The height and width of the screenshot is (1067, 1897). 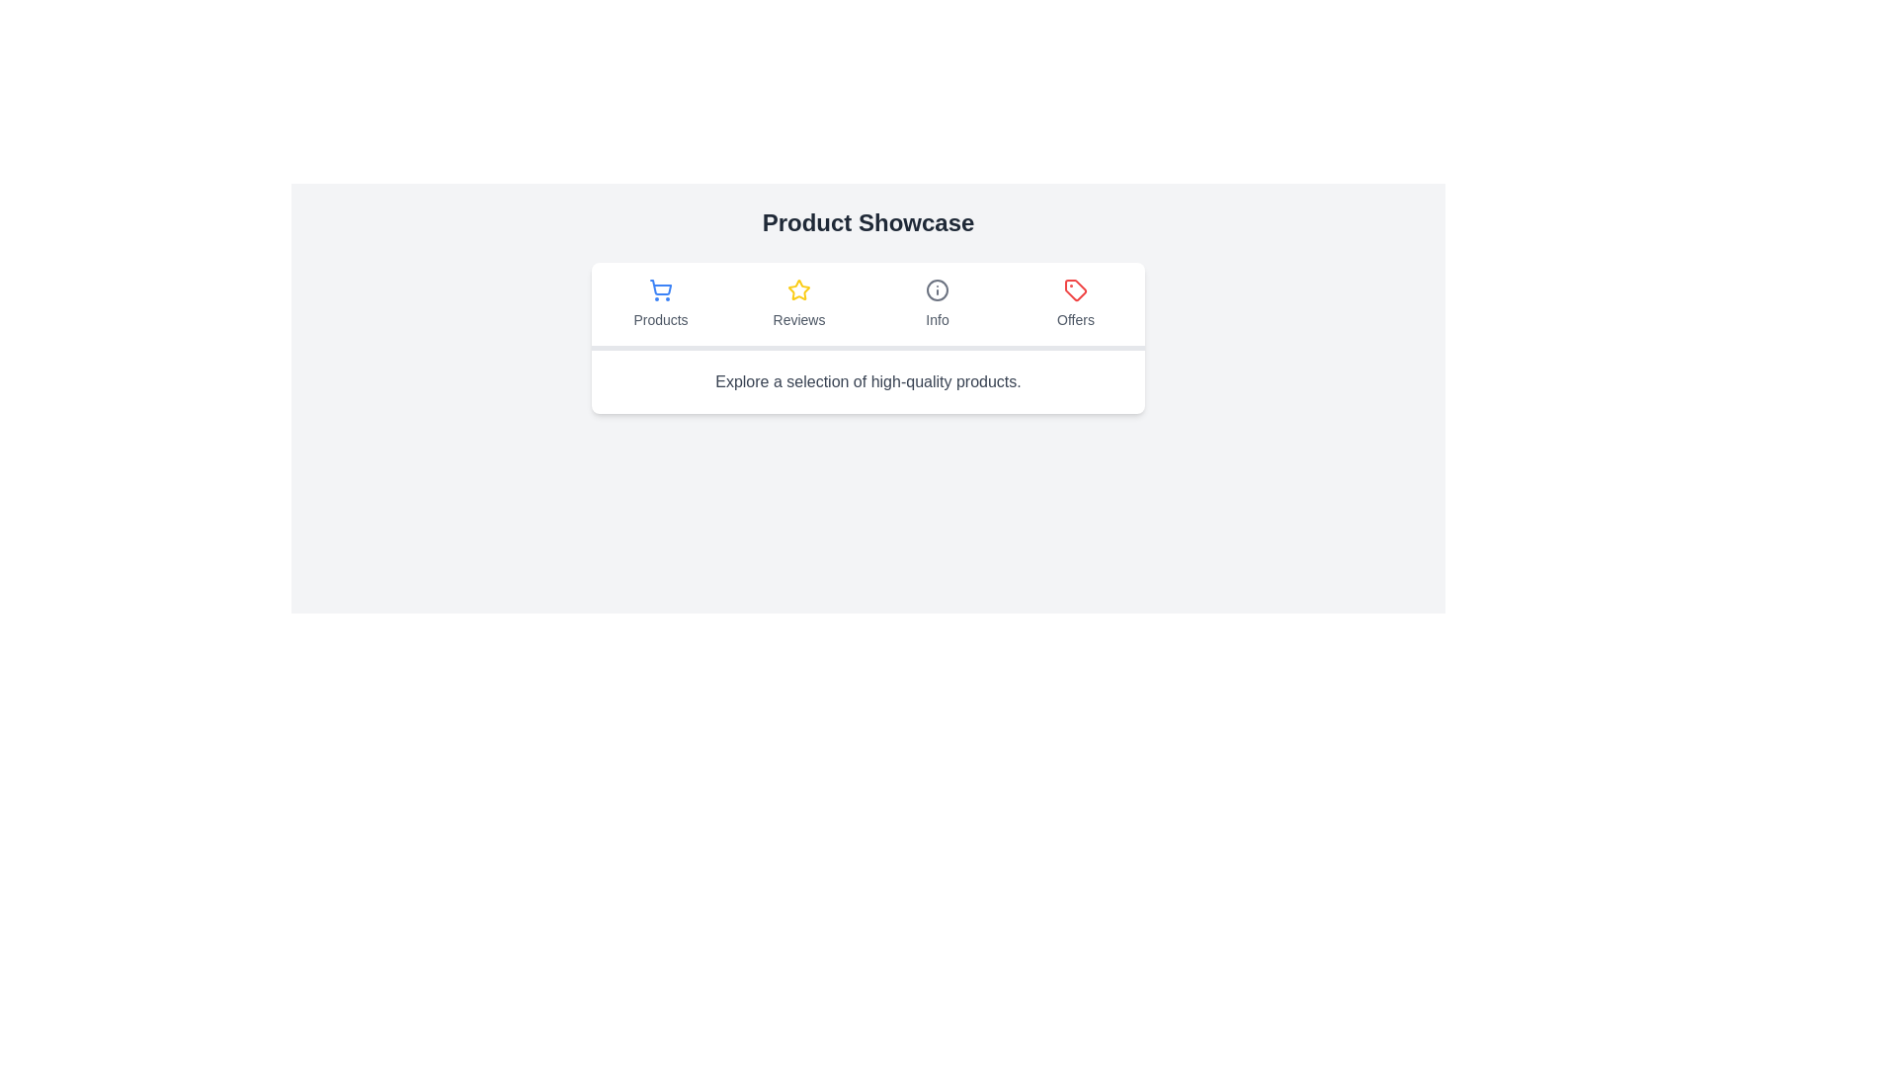 I want to click on the circular gray 'i' icon located in the 'Info' tab of the navigation bar under 'Product Showcase', so click(x=937, y=289).